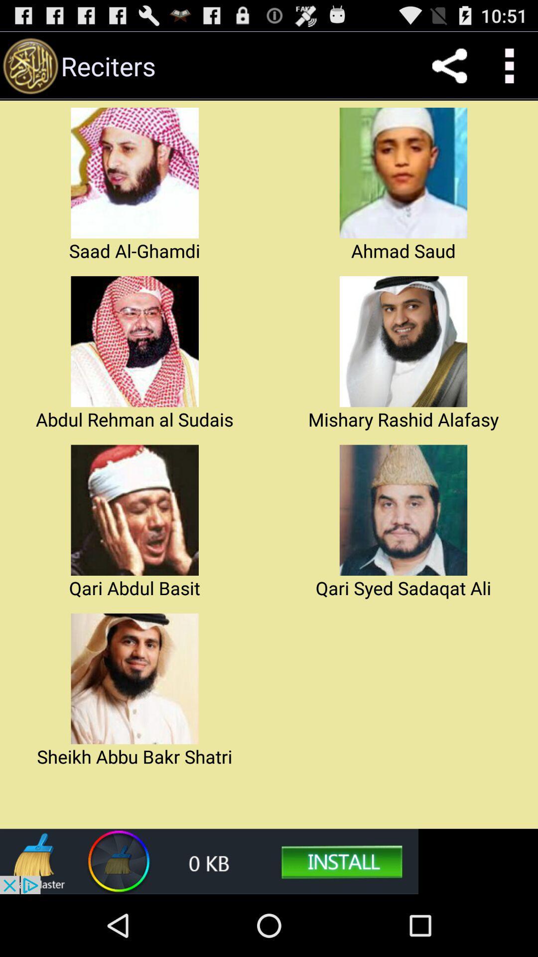  I want to click on the share icon, so click(449, 70).